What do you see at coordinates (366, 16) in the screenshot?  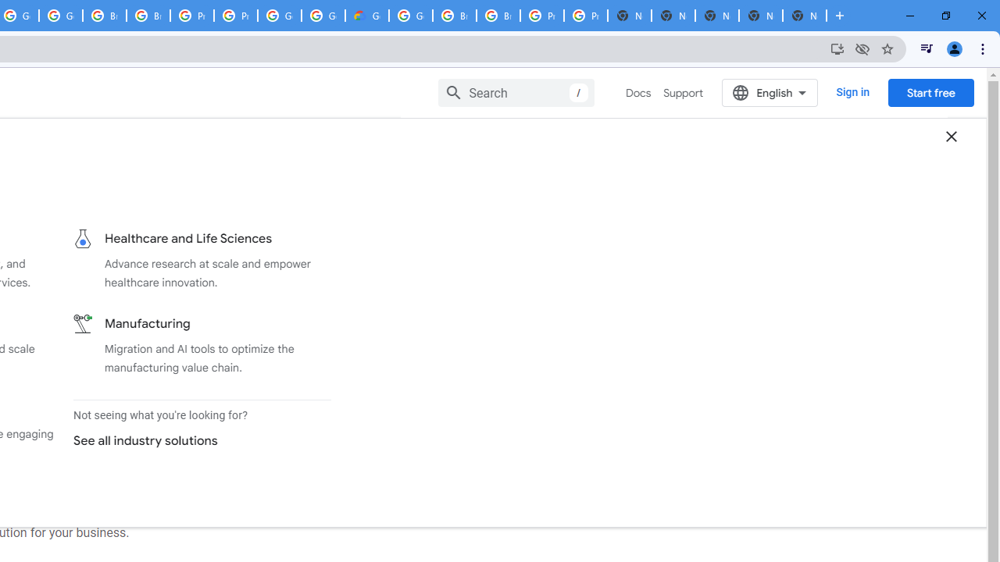 I see `'Google Cloud Estimate Summary'` at bounding box center [366, 16].